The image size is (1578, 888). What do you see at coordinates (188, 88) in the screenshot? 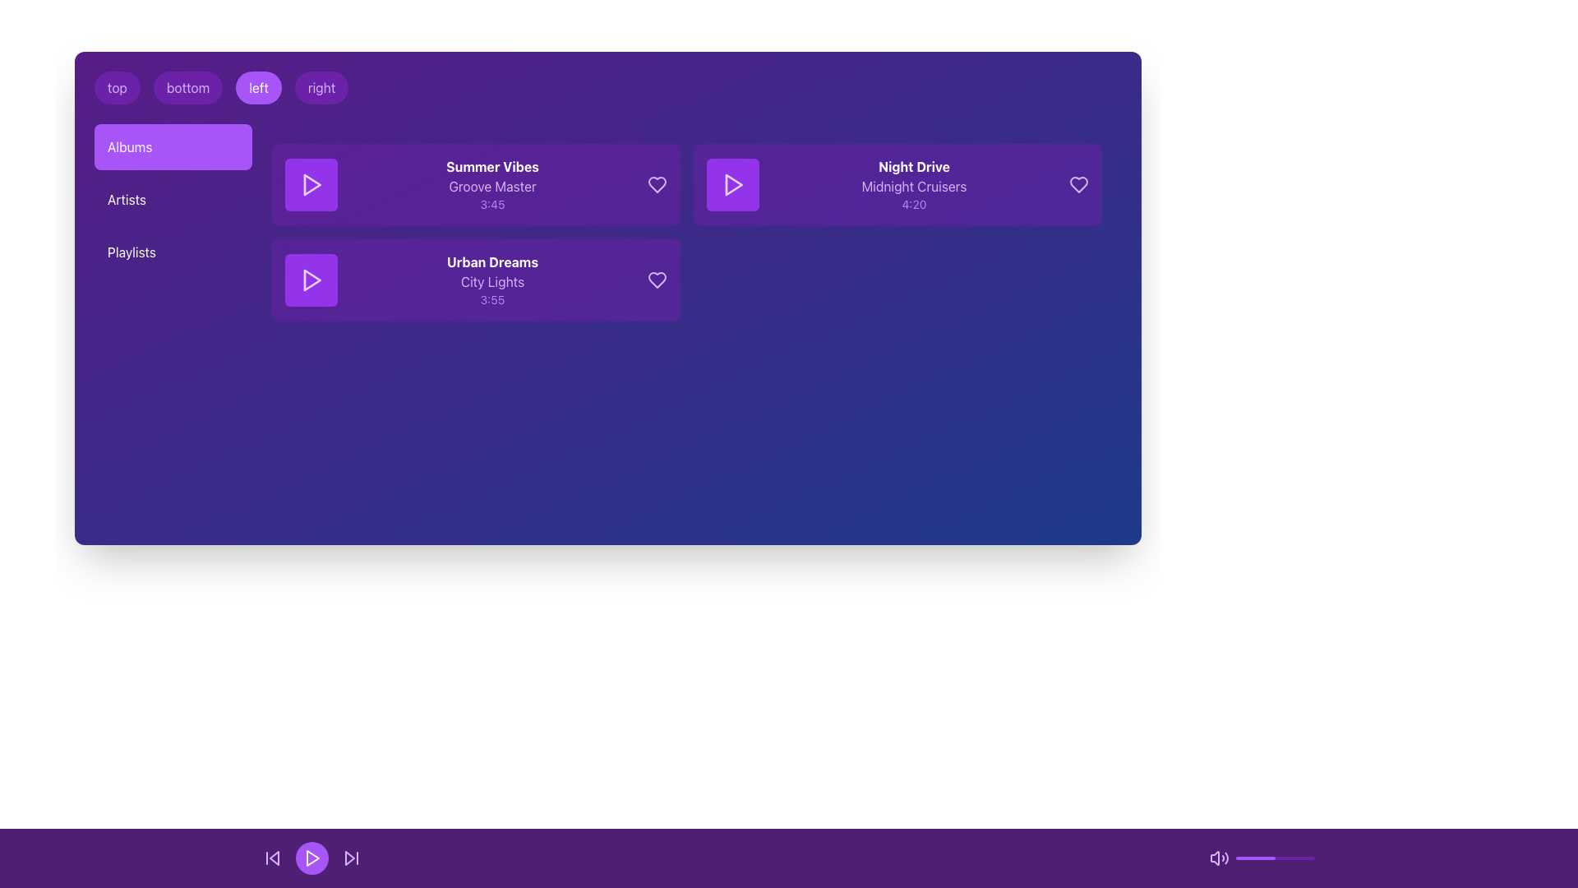
I see `the 'bottom' button, which is the second button in a row of four horizontally aligned buttons` at bounding box center [188, 88].